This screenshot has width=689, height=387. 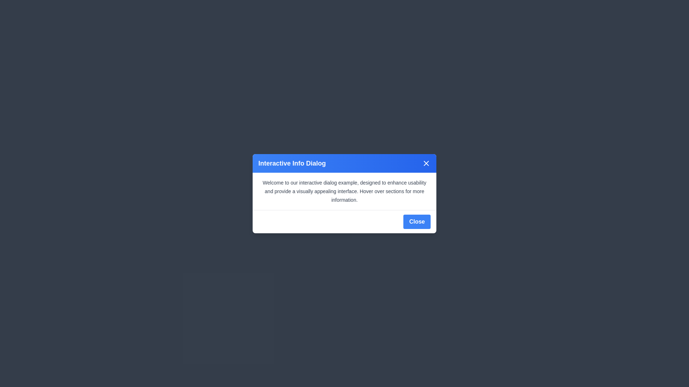 I want to click on the section titled close button to reveal additional information, so click(x=426, y=163).